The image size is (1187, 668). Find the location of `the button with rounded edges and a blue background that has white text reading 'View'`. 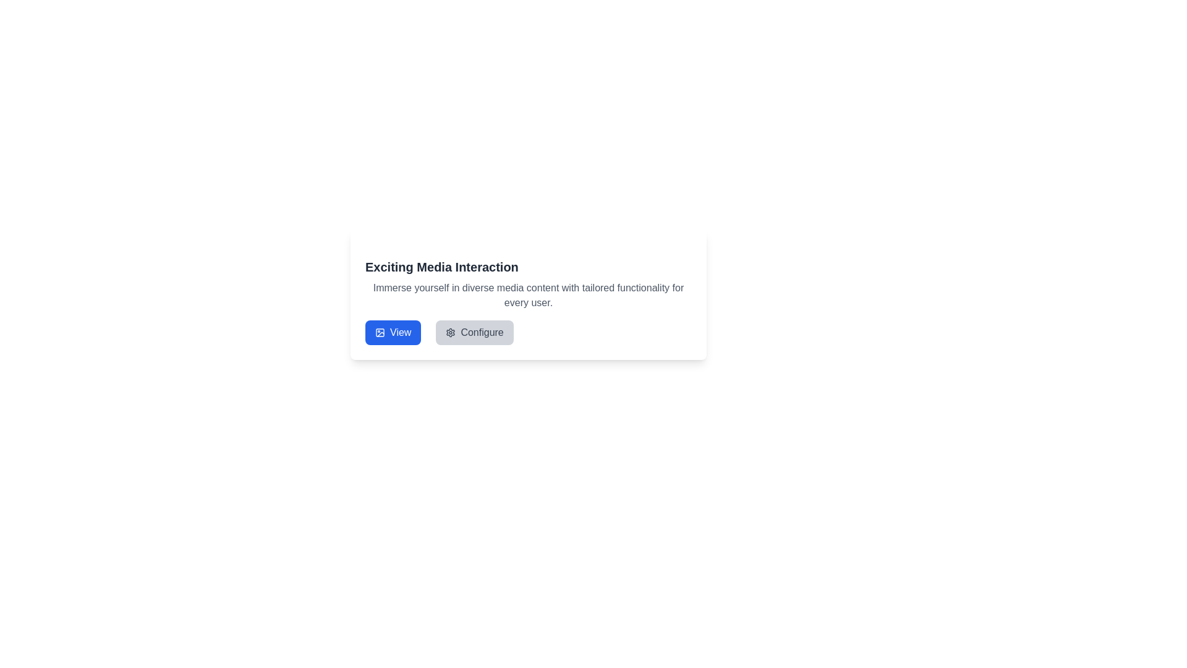

the button with rounded edges and a blue background that has white text reading 'View' is located at coordinates (392, 332).